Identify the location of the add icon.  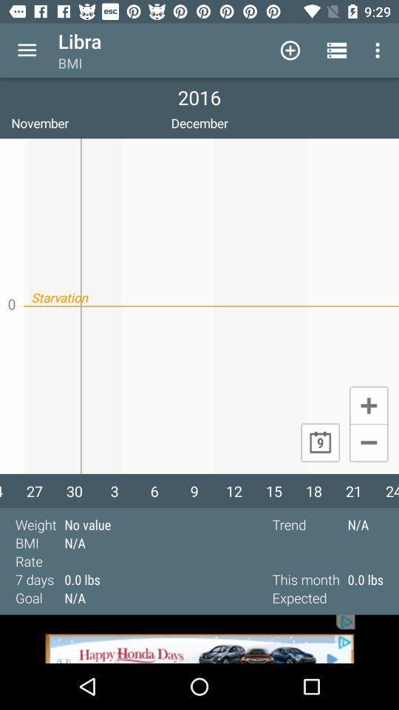
(368, 405).